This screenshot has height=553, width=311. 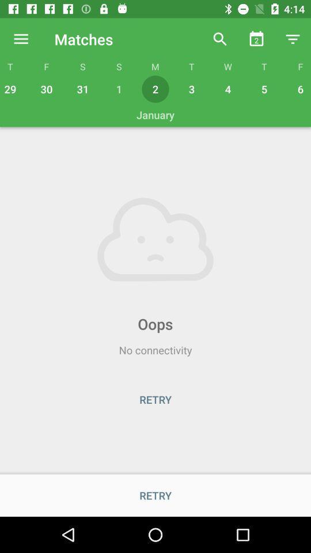 I want to click on the item above the january item, so click(x=11, y=88).